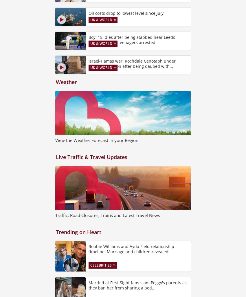 The image size is (246, 297). I want to click on 'Robbie Williams and Ayda Field relationship timeline: Marriage and children revealed', so click(131, 249).